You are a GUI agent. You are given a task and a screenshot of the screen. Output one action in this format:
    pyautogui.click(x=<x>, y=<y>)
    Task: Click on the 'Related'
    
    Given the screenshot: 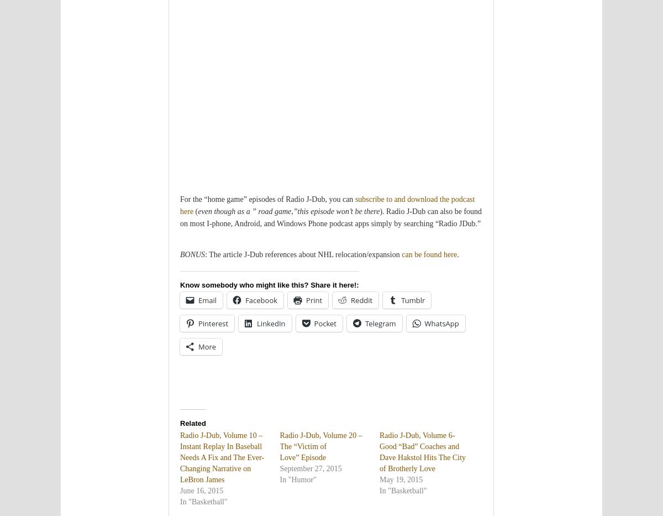 What is the action you would take?
    pyautogui.click(x=180, y=423)
    